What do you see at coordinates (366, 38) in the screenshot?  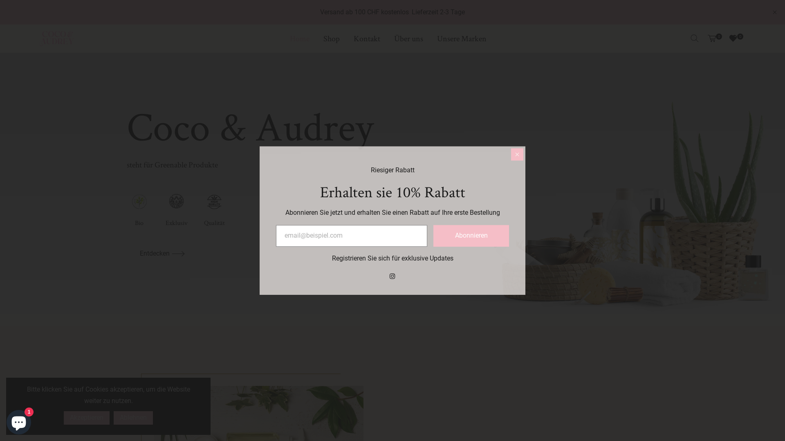 I see `'Kontakt'` at bounding box center [366, 38].